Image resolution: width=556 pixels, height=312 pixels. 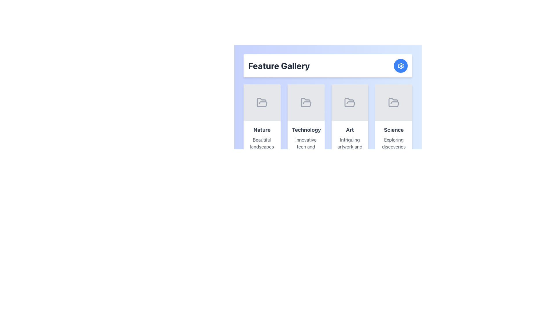 What do you see at coordinates (400, 65) in the screenshot?
I see `the settings icon located in the top-right corner of the 'Feature Gallery' header` at bounding box center [400, 65].